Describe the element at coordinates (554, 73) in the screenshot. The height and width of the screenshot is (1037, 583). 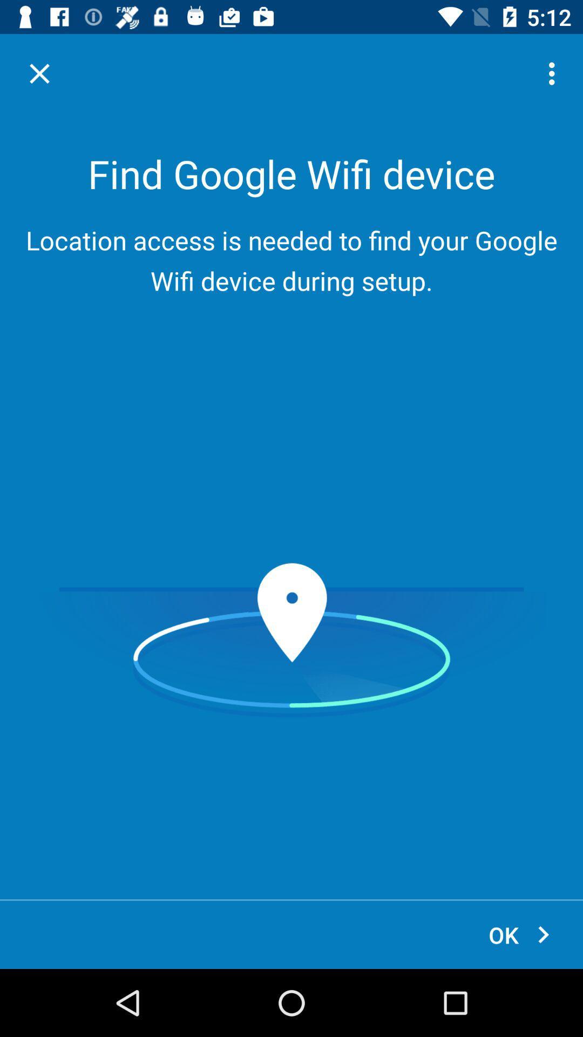
I see `the item at the top right corner` at that location.